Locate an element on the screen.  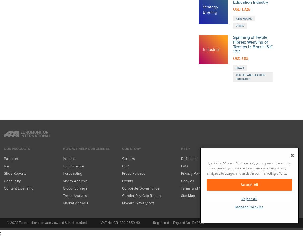
'Trend Analysis' is located at coordinates (62, 24).